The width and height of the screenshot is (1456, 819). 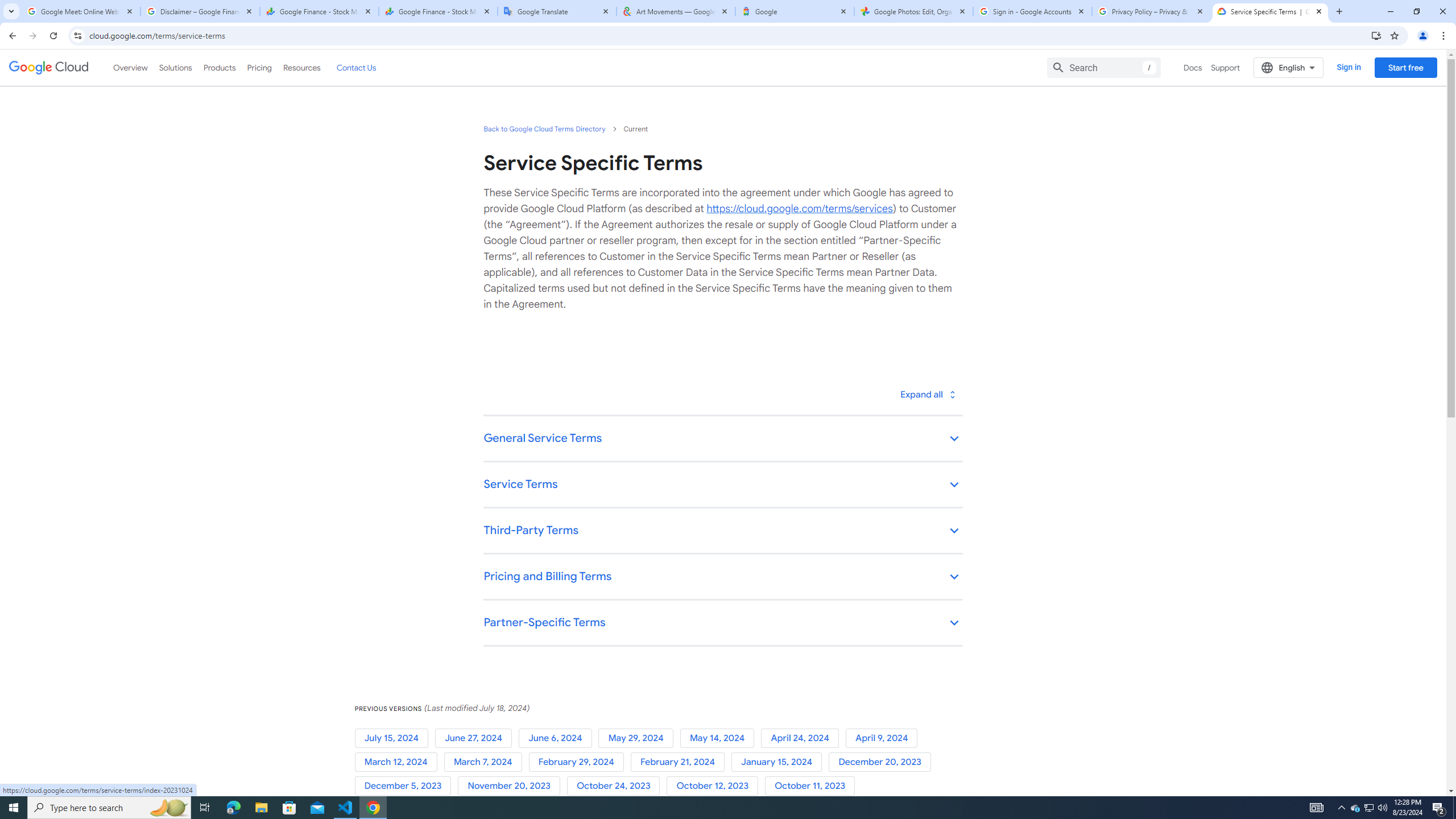 What do you see at coordinates (175, 67) in the screenshot?
I see `'Solutions'` at bounding box center [175, 67].